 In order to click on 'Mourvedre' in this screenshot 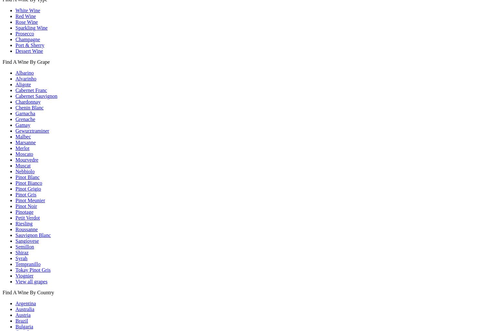, I will do `click(27, 159)`.